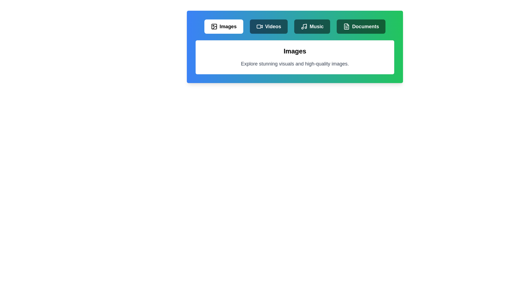 The image size is (526, 296). Describe the element at coordinates (312, 26) in the screenshot. I see `the Music tab` at that location.